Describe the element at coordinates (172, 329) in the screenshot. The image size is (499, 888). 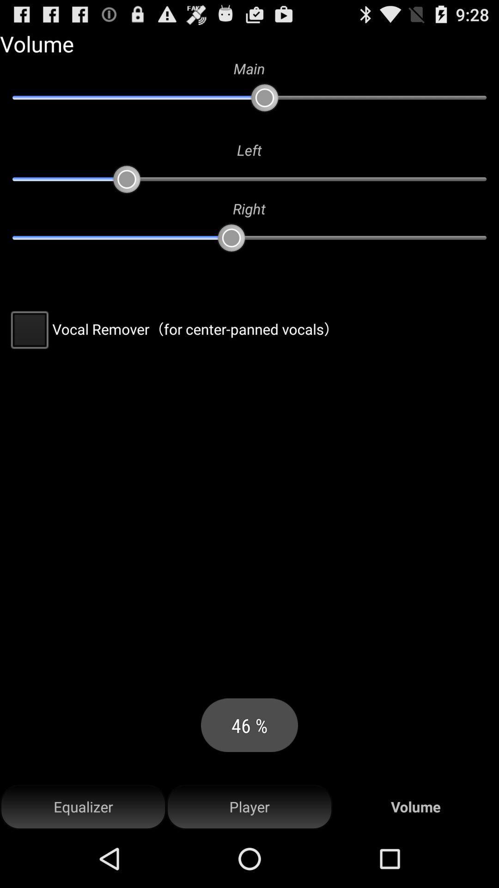
I see `the vocal remover for at the center` at that location.